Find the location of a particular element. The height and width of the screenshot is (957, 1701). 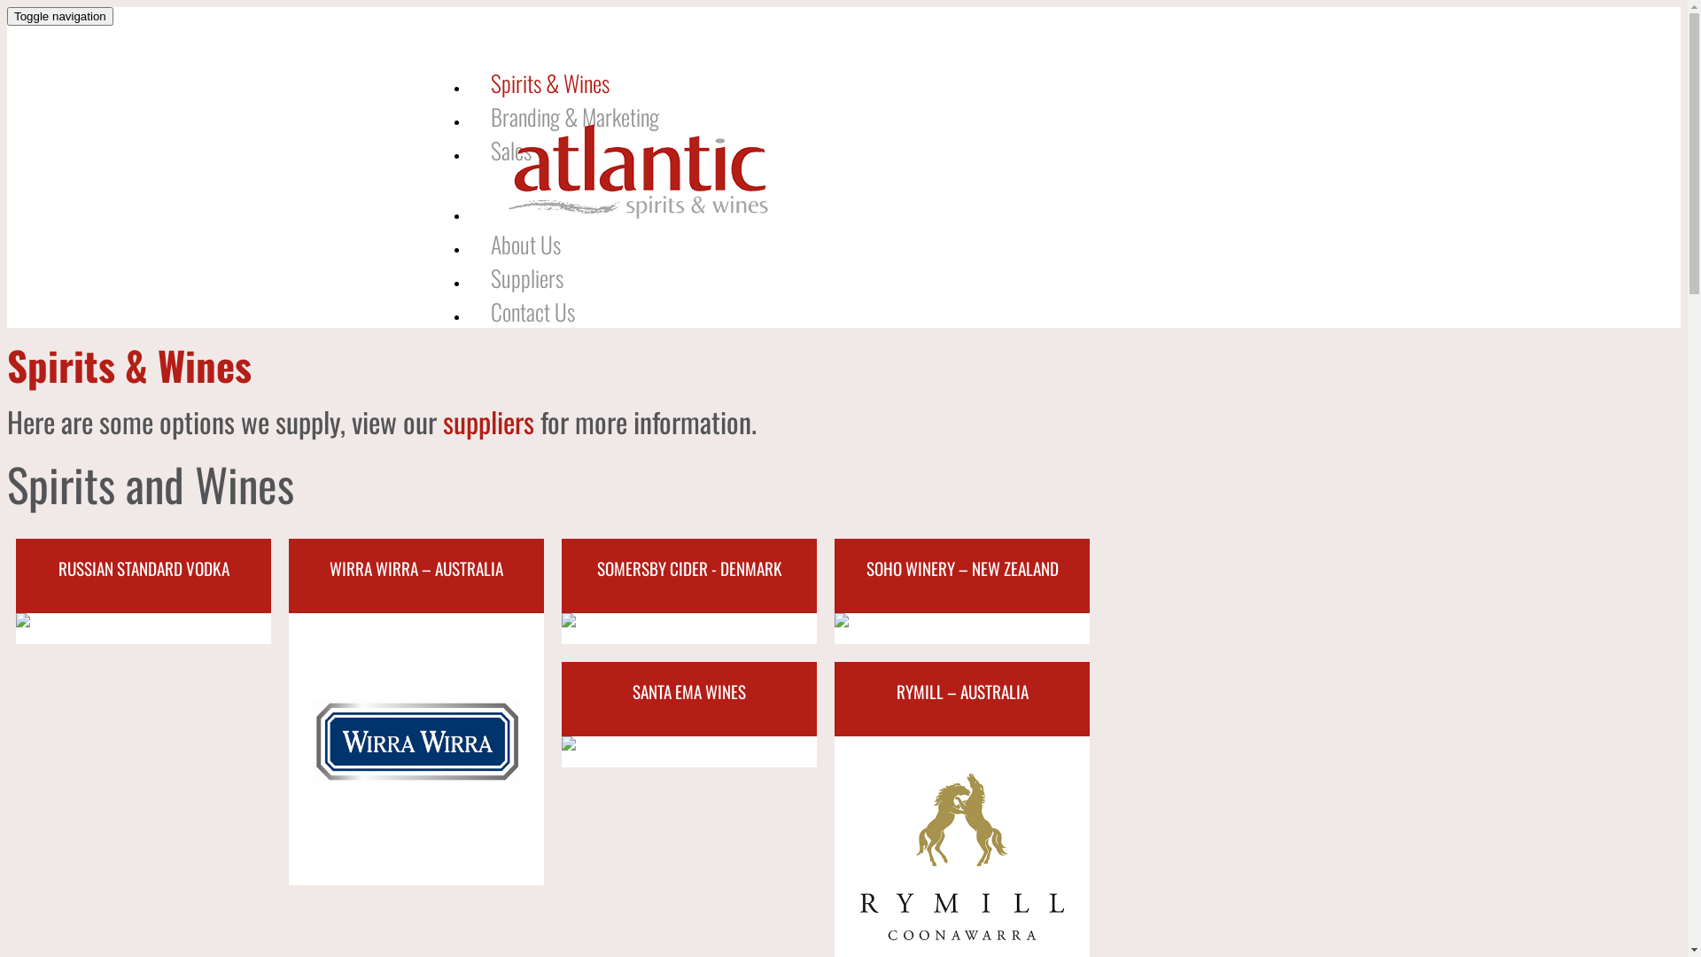

'Spirits & Wines' is located at coordinates (468, 82).